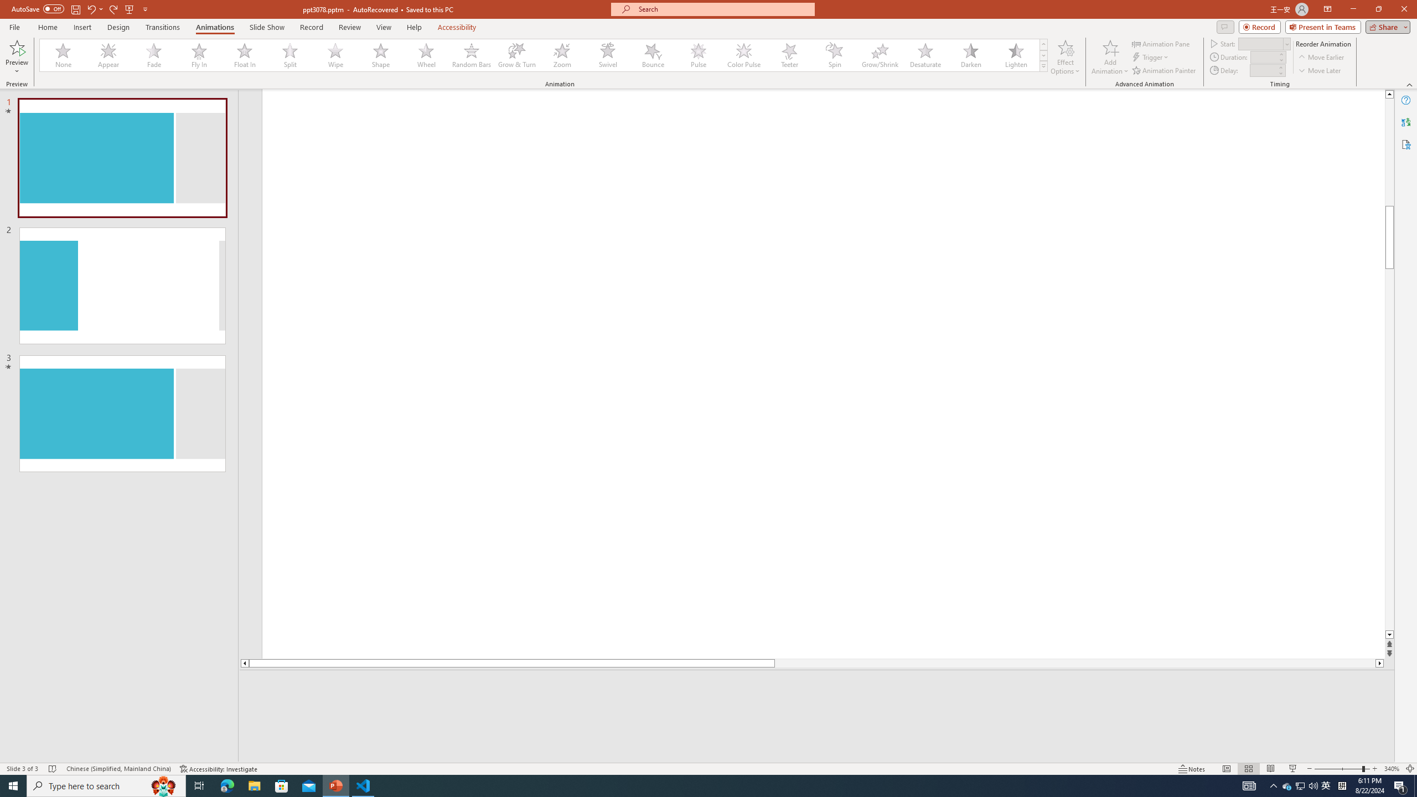 This screenshot has width=1417, height=797. What do you see at coordinates (834, 55) in the screenshot?
I see `'Spin'` at bounding box center [834, 55].